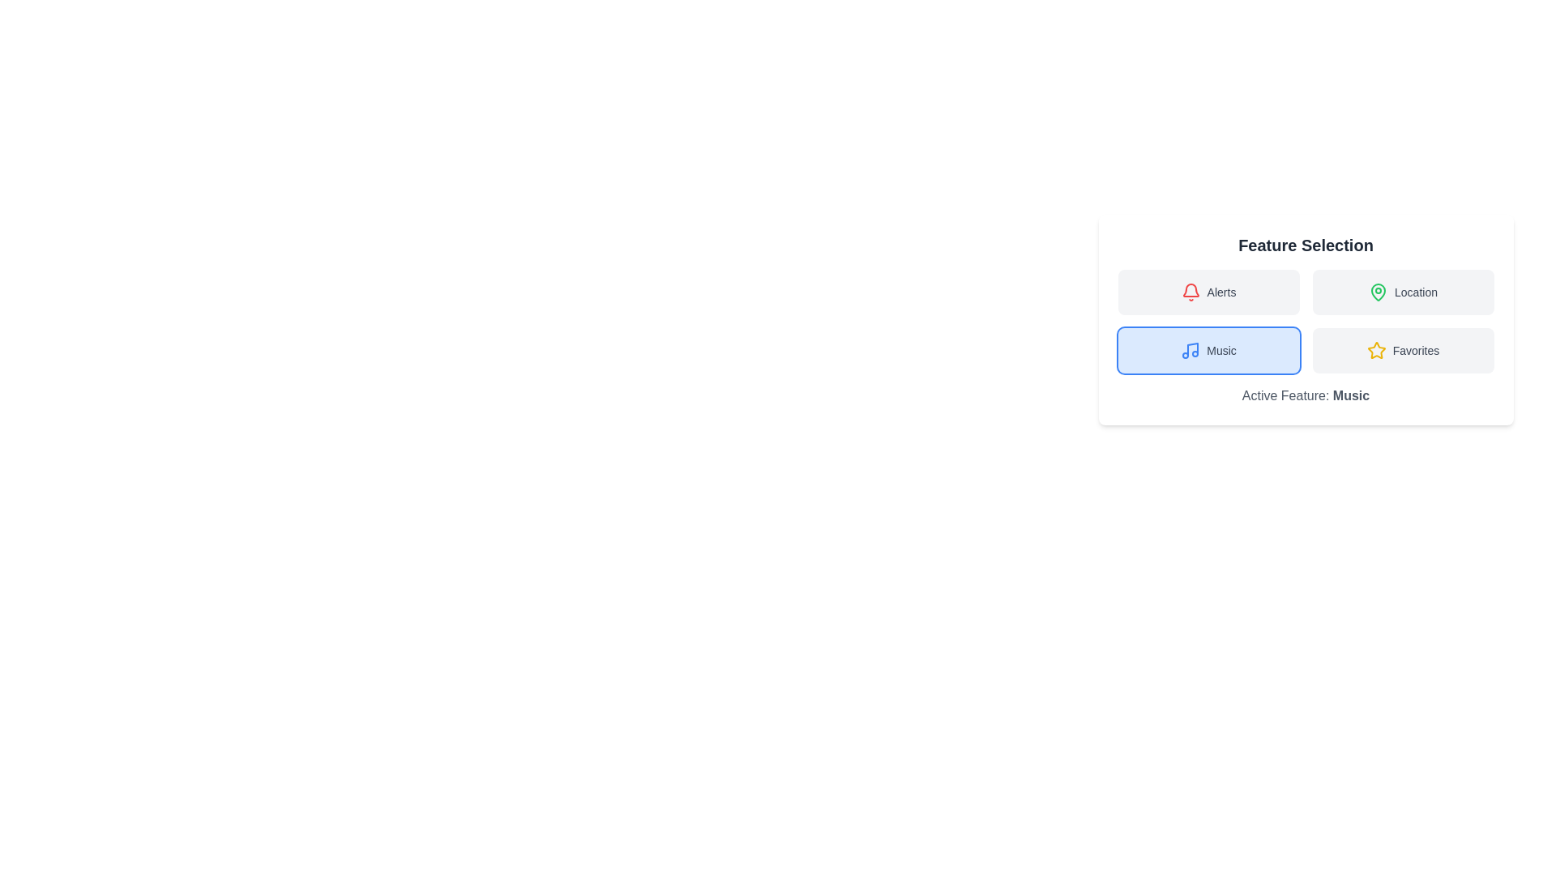 This screenshot has height=875, width=1556. What do you see at coordinates (1402, 292) in the screenshot?
I see `the button corresponding to the feature Location` at bounding box center [1402, 292].